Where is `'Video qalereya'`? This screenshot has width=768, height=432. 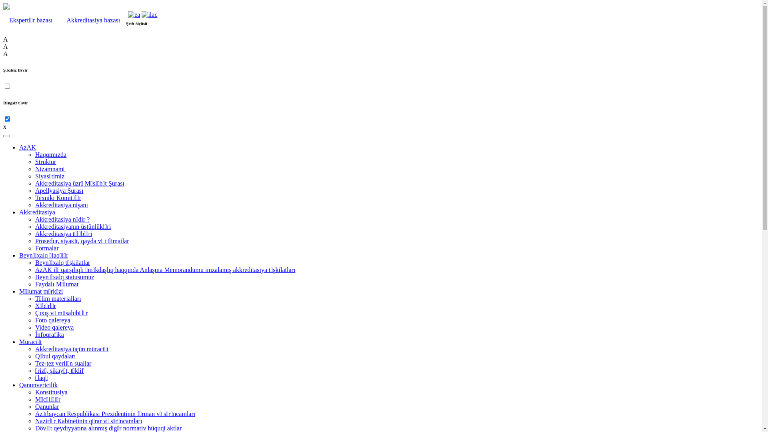 'Video qalereya' is located at coordinates (54, 327).